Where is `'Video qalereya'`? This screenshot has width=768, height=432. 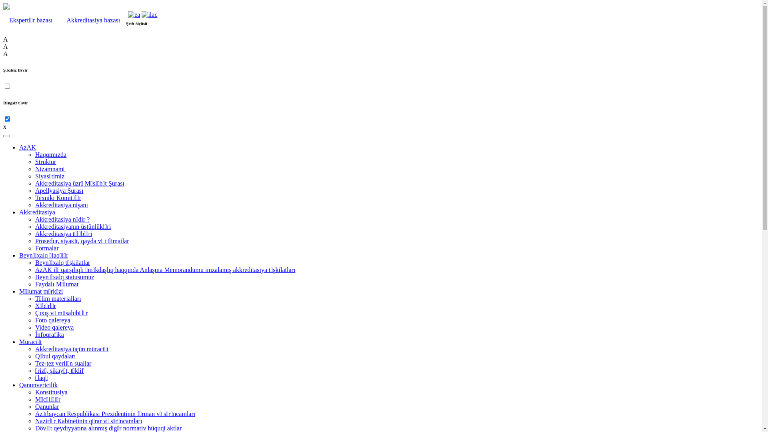 'Video qalereya' is located at coordinates (54, 327).